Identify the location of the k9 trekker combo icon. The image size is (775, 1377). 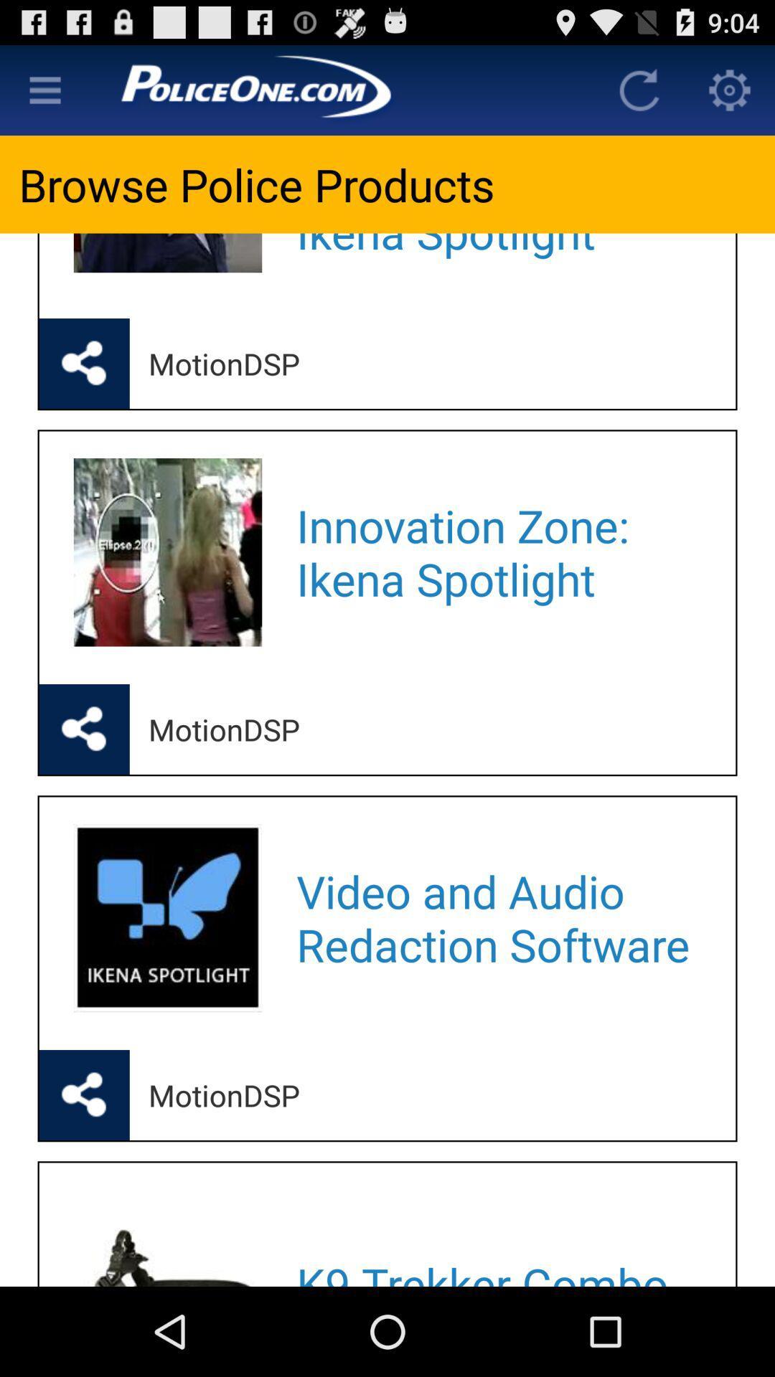
(497, 1237).